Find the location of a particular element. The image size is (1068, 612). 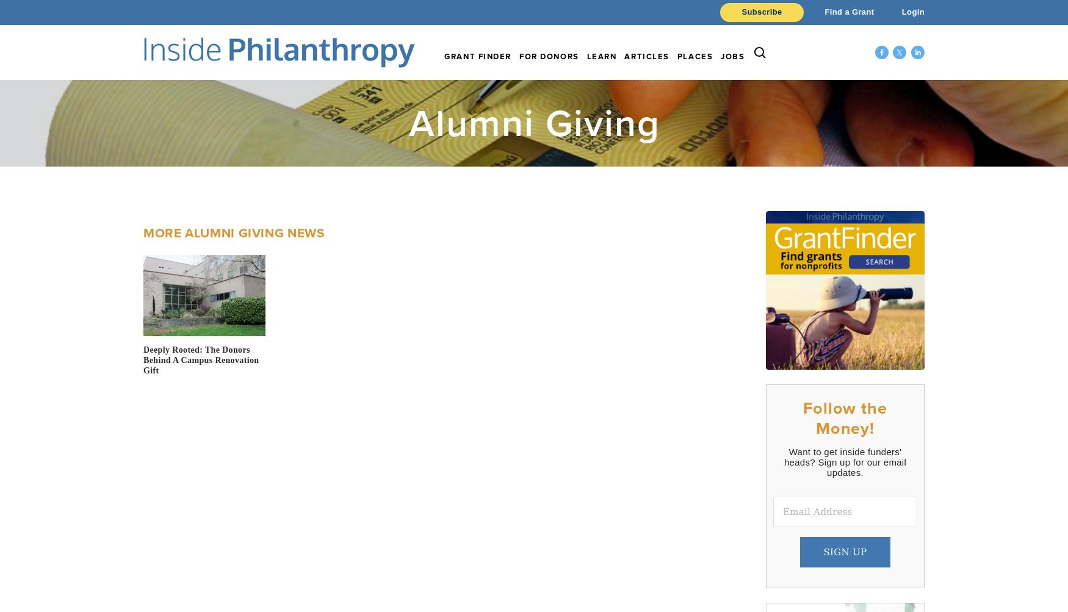

'Want to get inside funders' heads? Sign up for our email updates.' is located at coordinates (844, 461).